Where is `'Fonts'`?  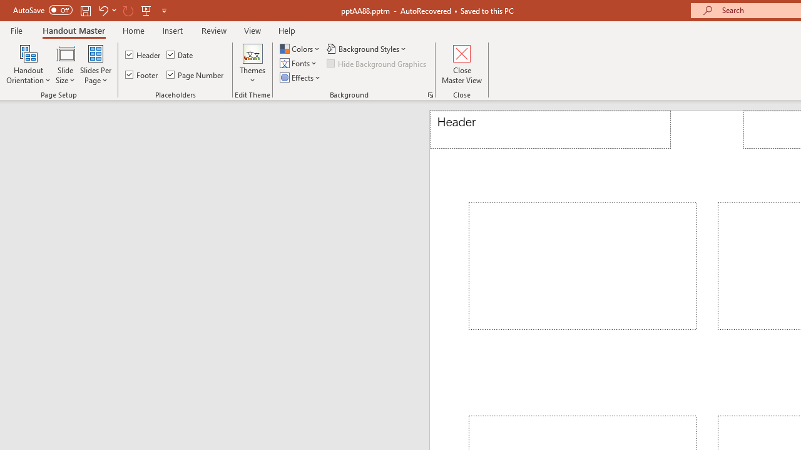
'Fonts' is located at coordinates (298, 63).